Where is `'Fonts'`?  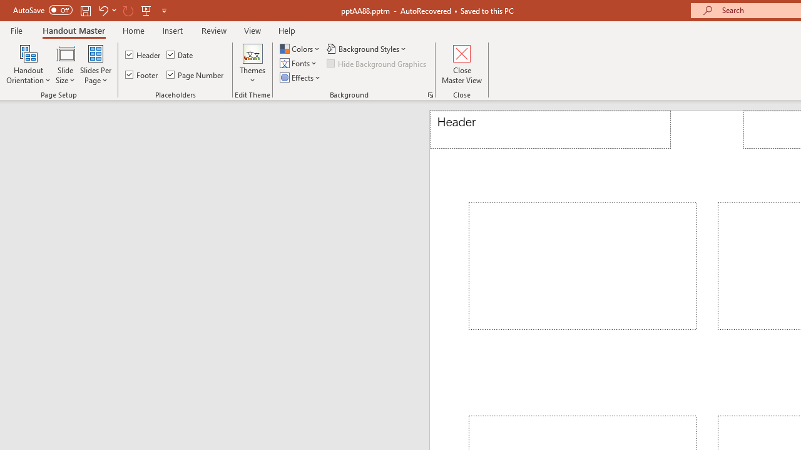
'Fonts' is located at coordinates (298, 63).